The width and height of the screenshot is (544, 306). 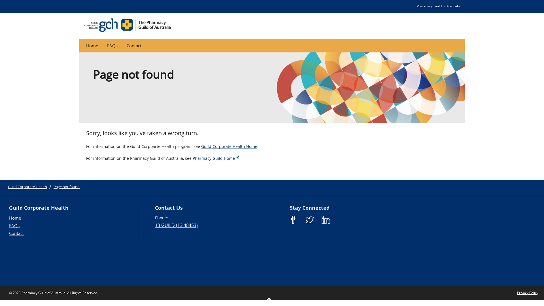 I want to click on 'Contact', so click(x=16, y=233).